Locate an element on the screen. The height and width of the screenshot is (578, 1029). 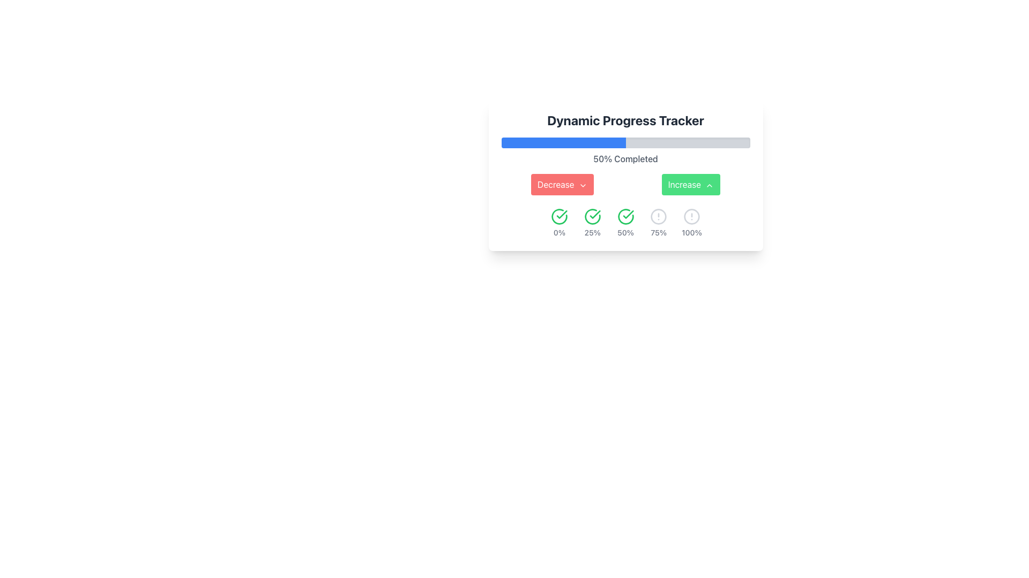
the circular icon indicator with an alert symbol (exclamation mark) inside, which is the fourth status marker in a row, labeled '75%' is located at coordinates (658, 217).